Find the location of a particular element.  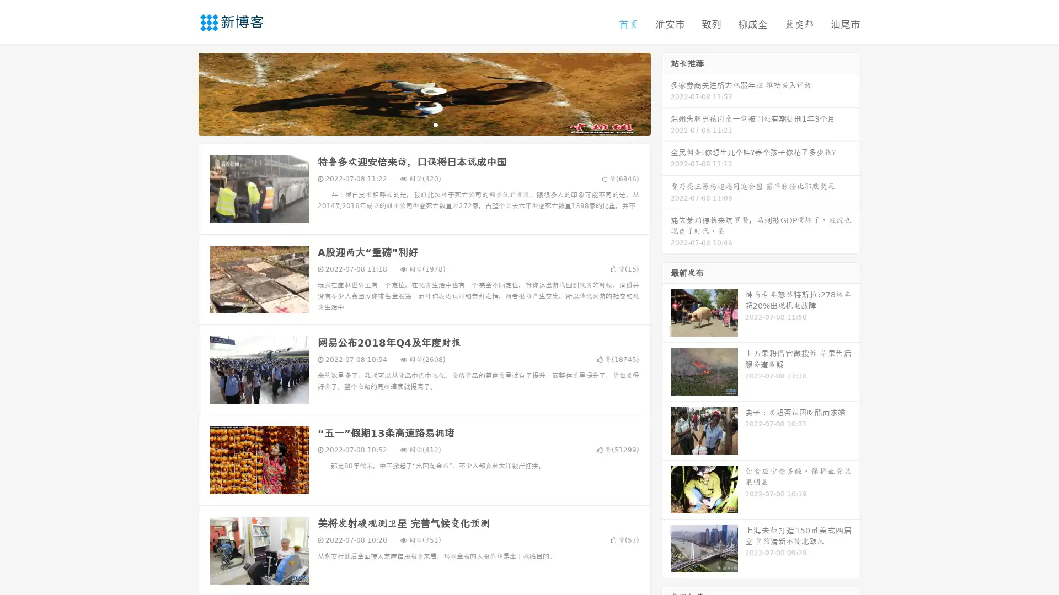

Go to slide 1 is located at coordinates (413, 124).